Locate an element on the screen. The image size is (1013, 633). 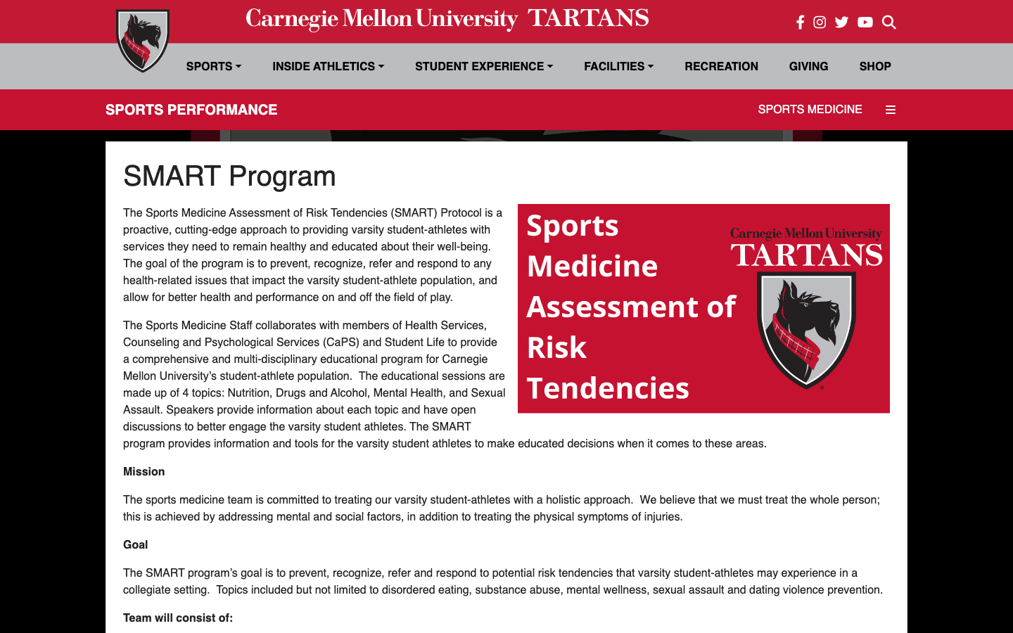
Engage the Drop-Down Icon for Facilities is located at coordinates (618, 65).